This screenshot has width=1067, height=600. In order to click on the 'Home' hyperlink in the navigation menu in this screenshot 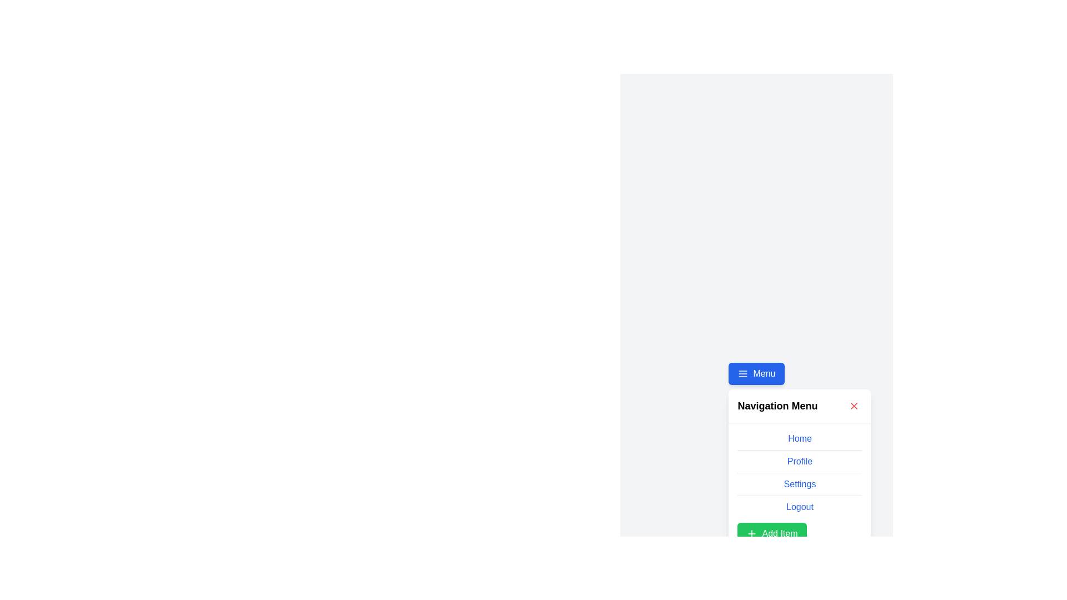, I will do `click(799, 441)`.